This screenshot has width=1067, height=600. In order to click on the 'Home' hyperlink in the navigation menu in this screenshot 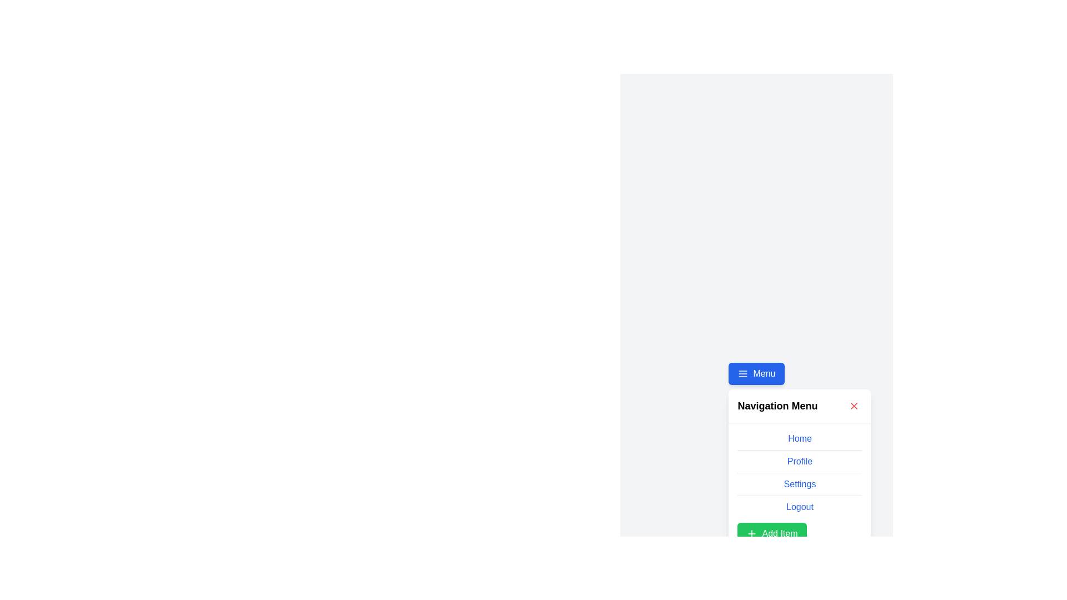, I will do `click(799, 441)`.